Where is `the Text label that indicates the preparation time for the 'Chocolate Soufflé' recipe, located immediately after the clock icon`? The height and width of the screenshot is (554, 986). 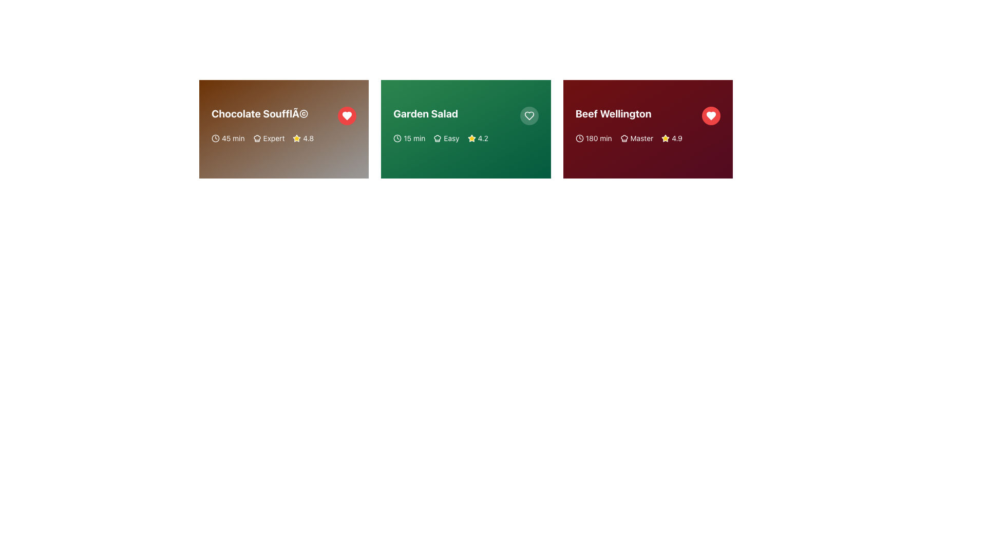
the Text label that indicates the preparation time for the 'Chocolate Soufflé' recipe, located immediately after the clock icon is located at coordinates (233, 138).